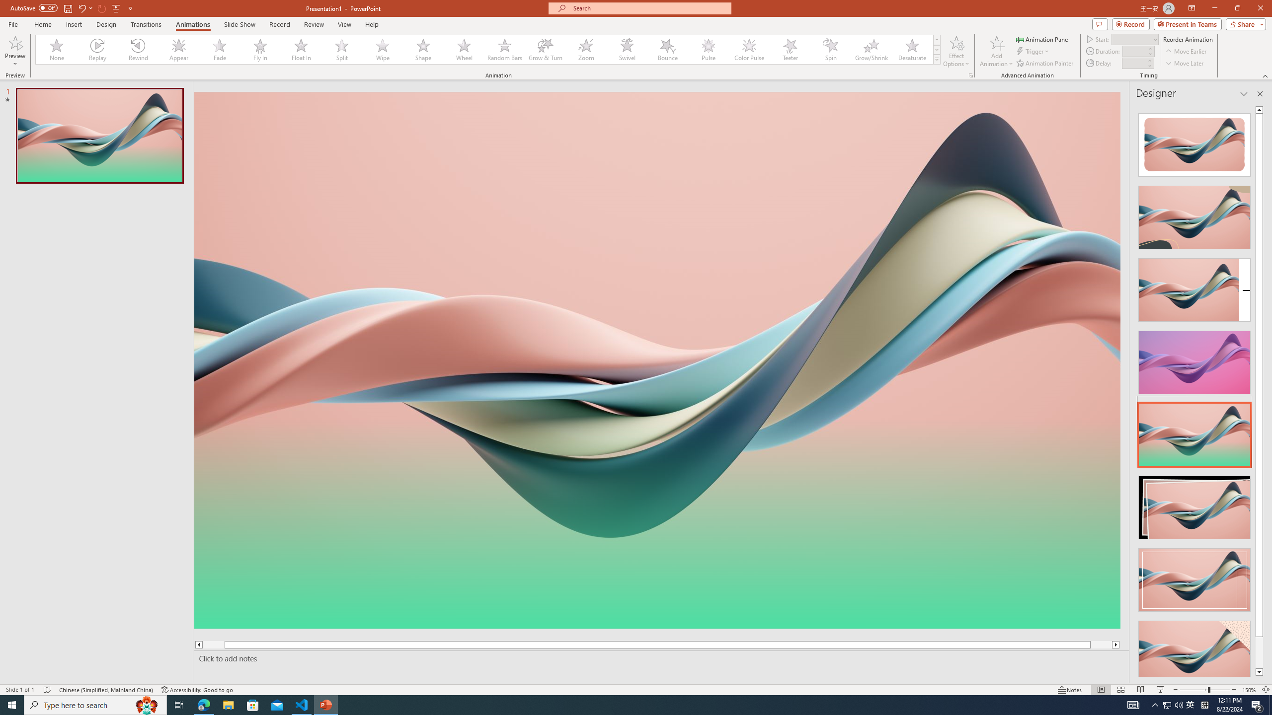  I want to click on 'Reading View', so click(1140, 690).